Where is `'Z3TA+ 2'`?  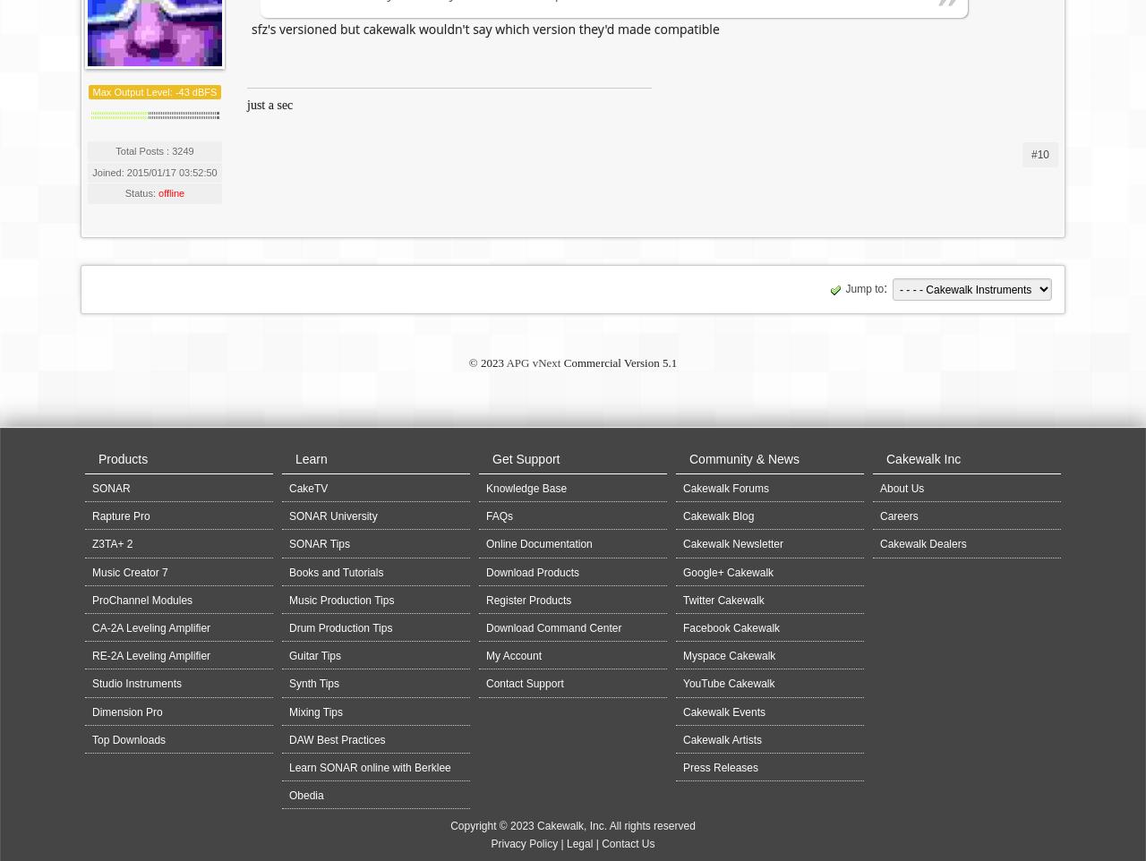 'Z3TA+ 2' is located at coordinates (91, 542).